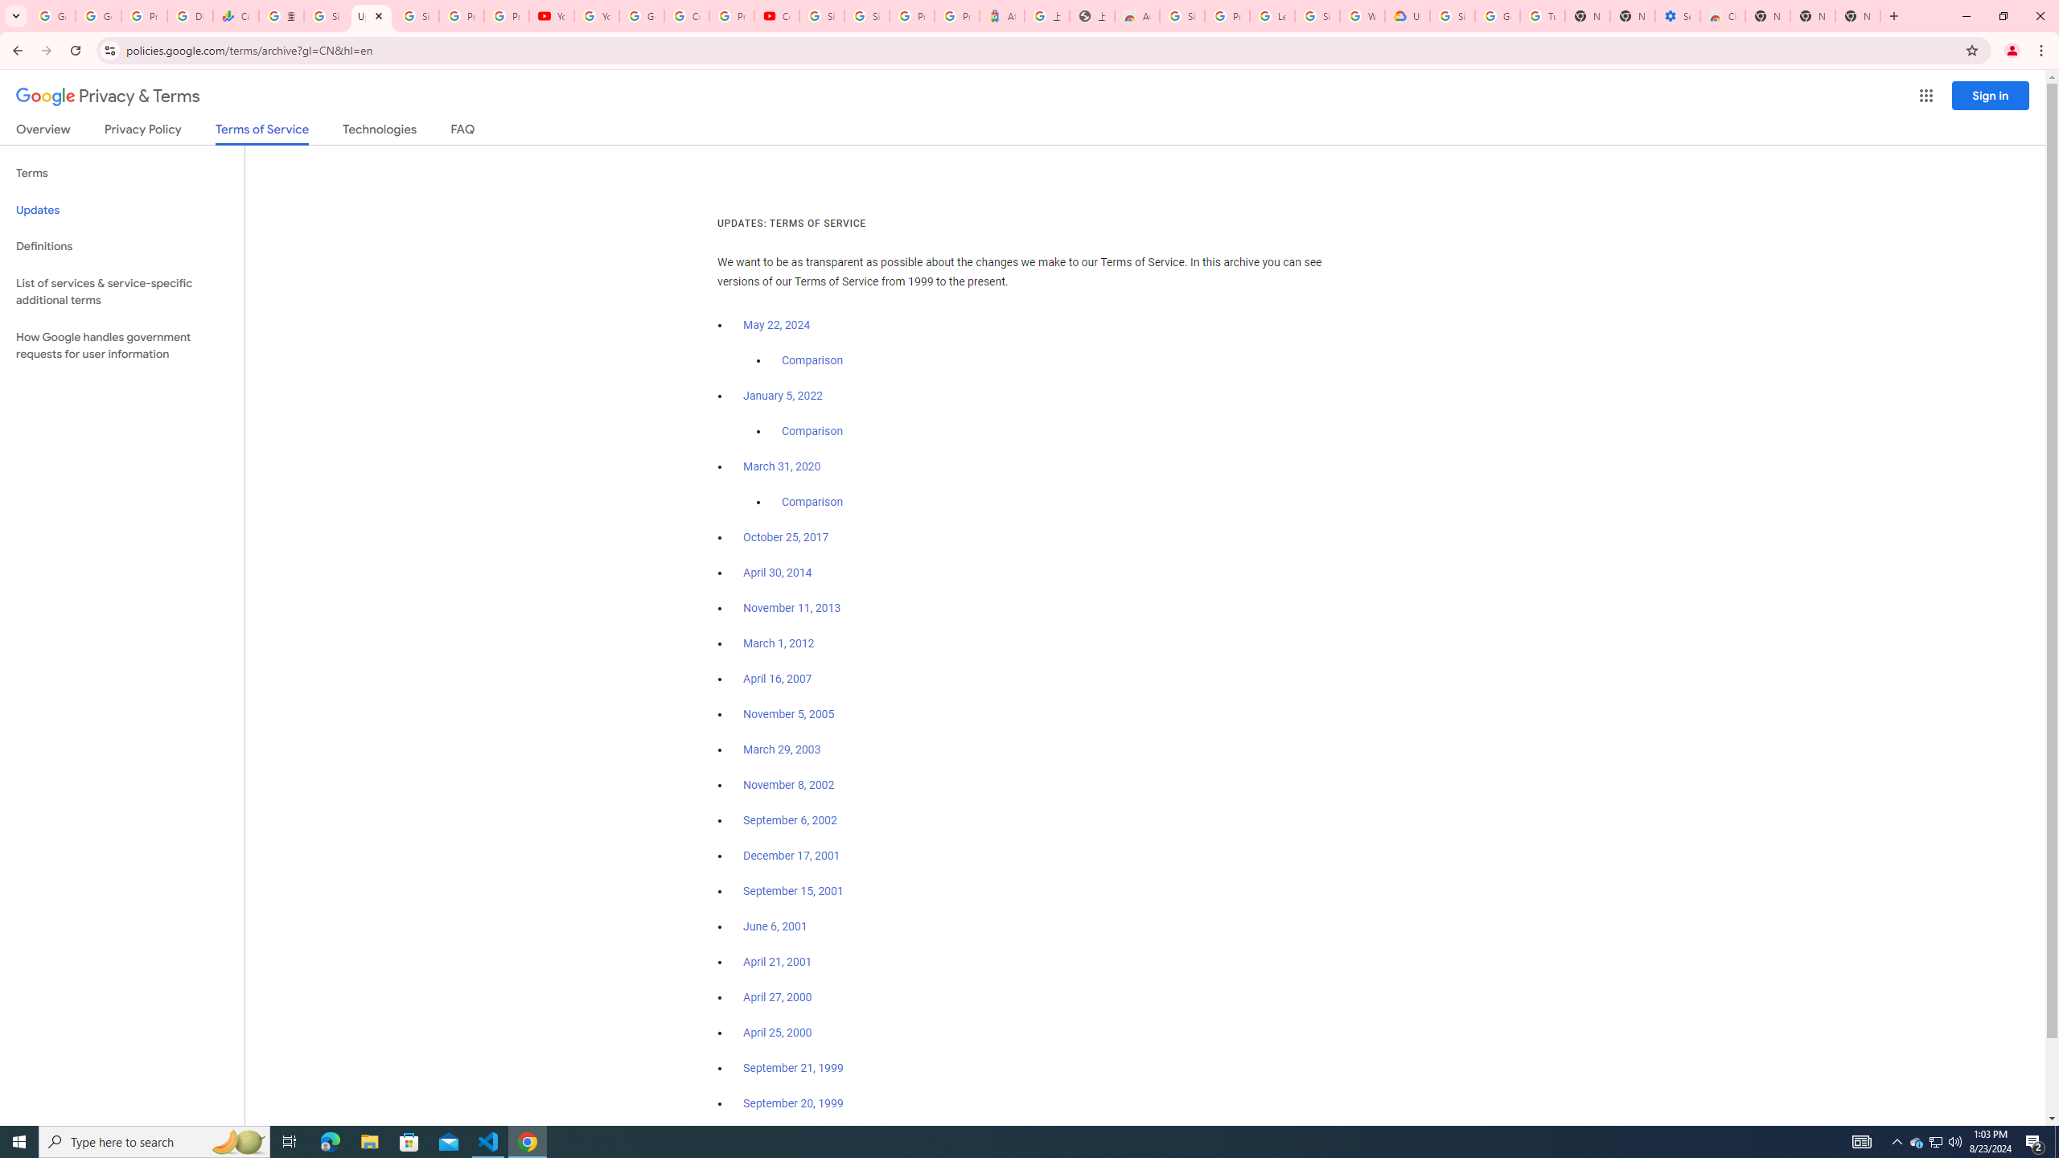  What do you see at coordinates (793, 1066) in the screenshot?
I see `'September 21, 1999'` at bounding box center [793, 1066].